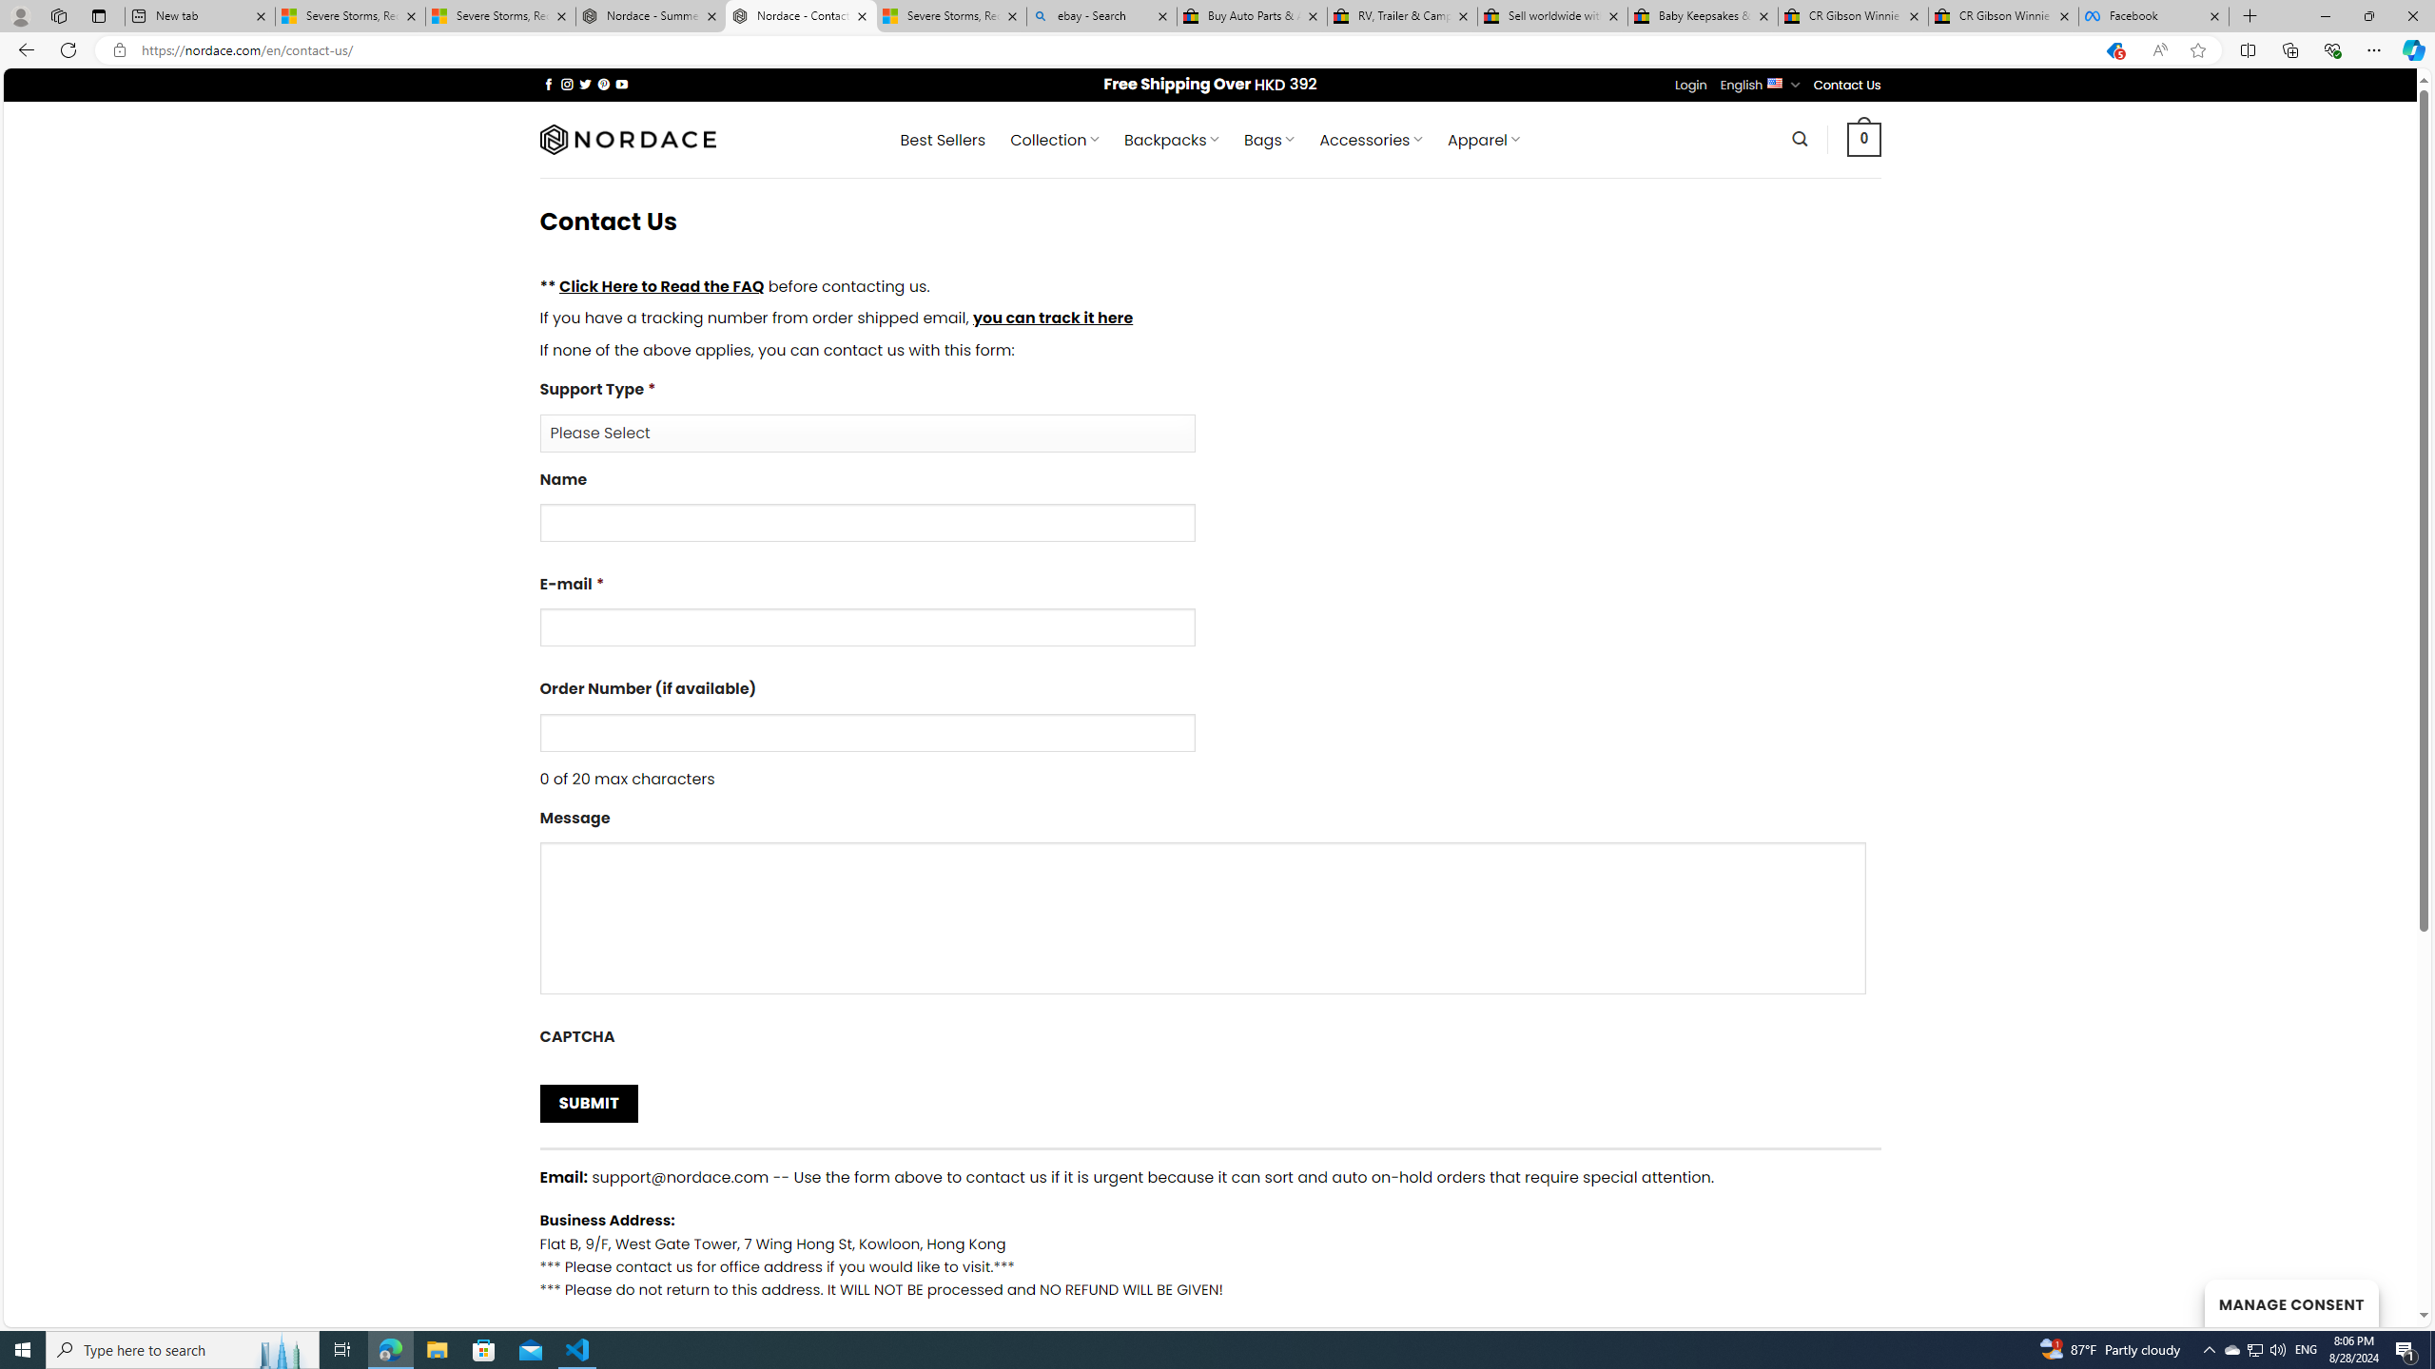 Image resolution: width=2435 pixels, height=1369 pixels. I want to click on 'This site has coupons! Shopping in Microsoft Edge, 5', so click(2113, 50).